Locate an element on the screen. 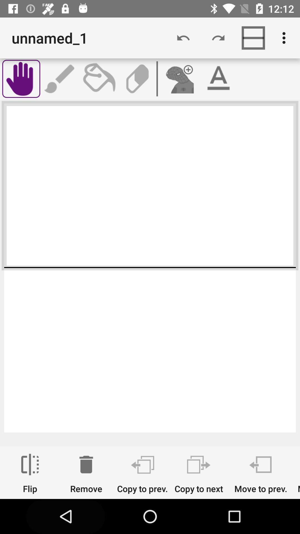 Image resolution: width=300 pixels, height=534 pixels. the icon next to remove is located at coordinates (30, 473).